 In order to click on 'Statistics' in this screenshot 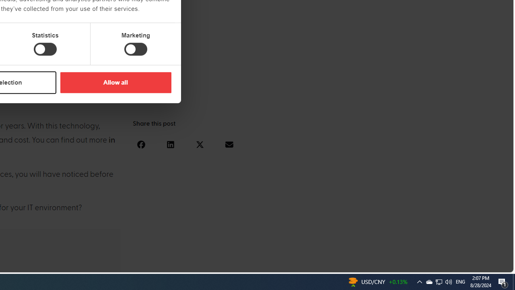, I will do `click(45, 49)`.